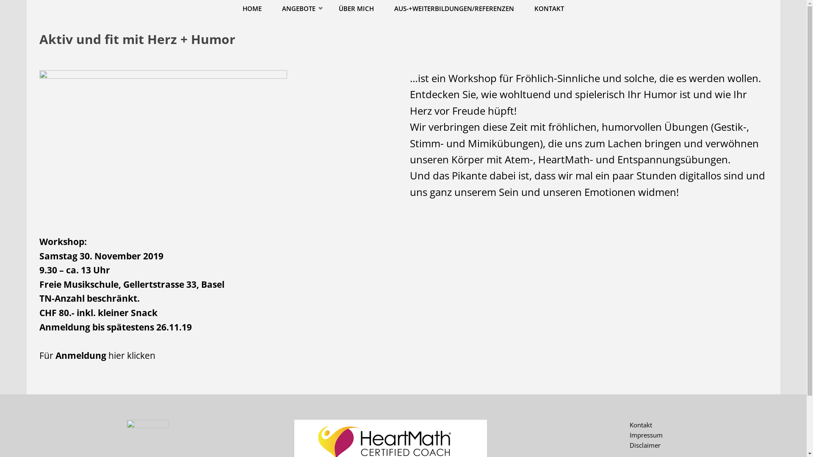 This screenshot has height=457, width=813. I want to click on 'Kontakt', so click(641, 424).